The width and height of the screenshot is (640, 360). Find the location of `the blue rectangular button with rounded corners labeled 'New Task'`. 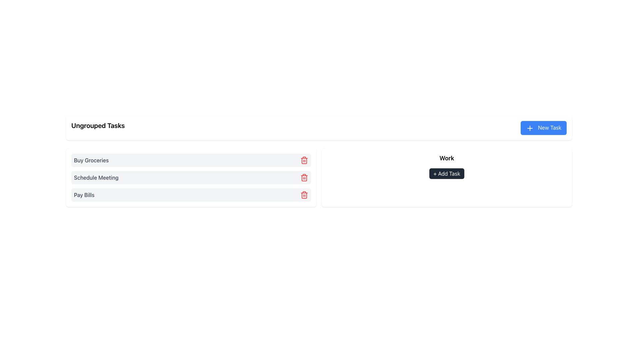

the blue rectangular button with rounded corners labeled 'New Task' is located at coordinates (544, 128).